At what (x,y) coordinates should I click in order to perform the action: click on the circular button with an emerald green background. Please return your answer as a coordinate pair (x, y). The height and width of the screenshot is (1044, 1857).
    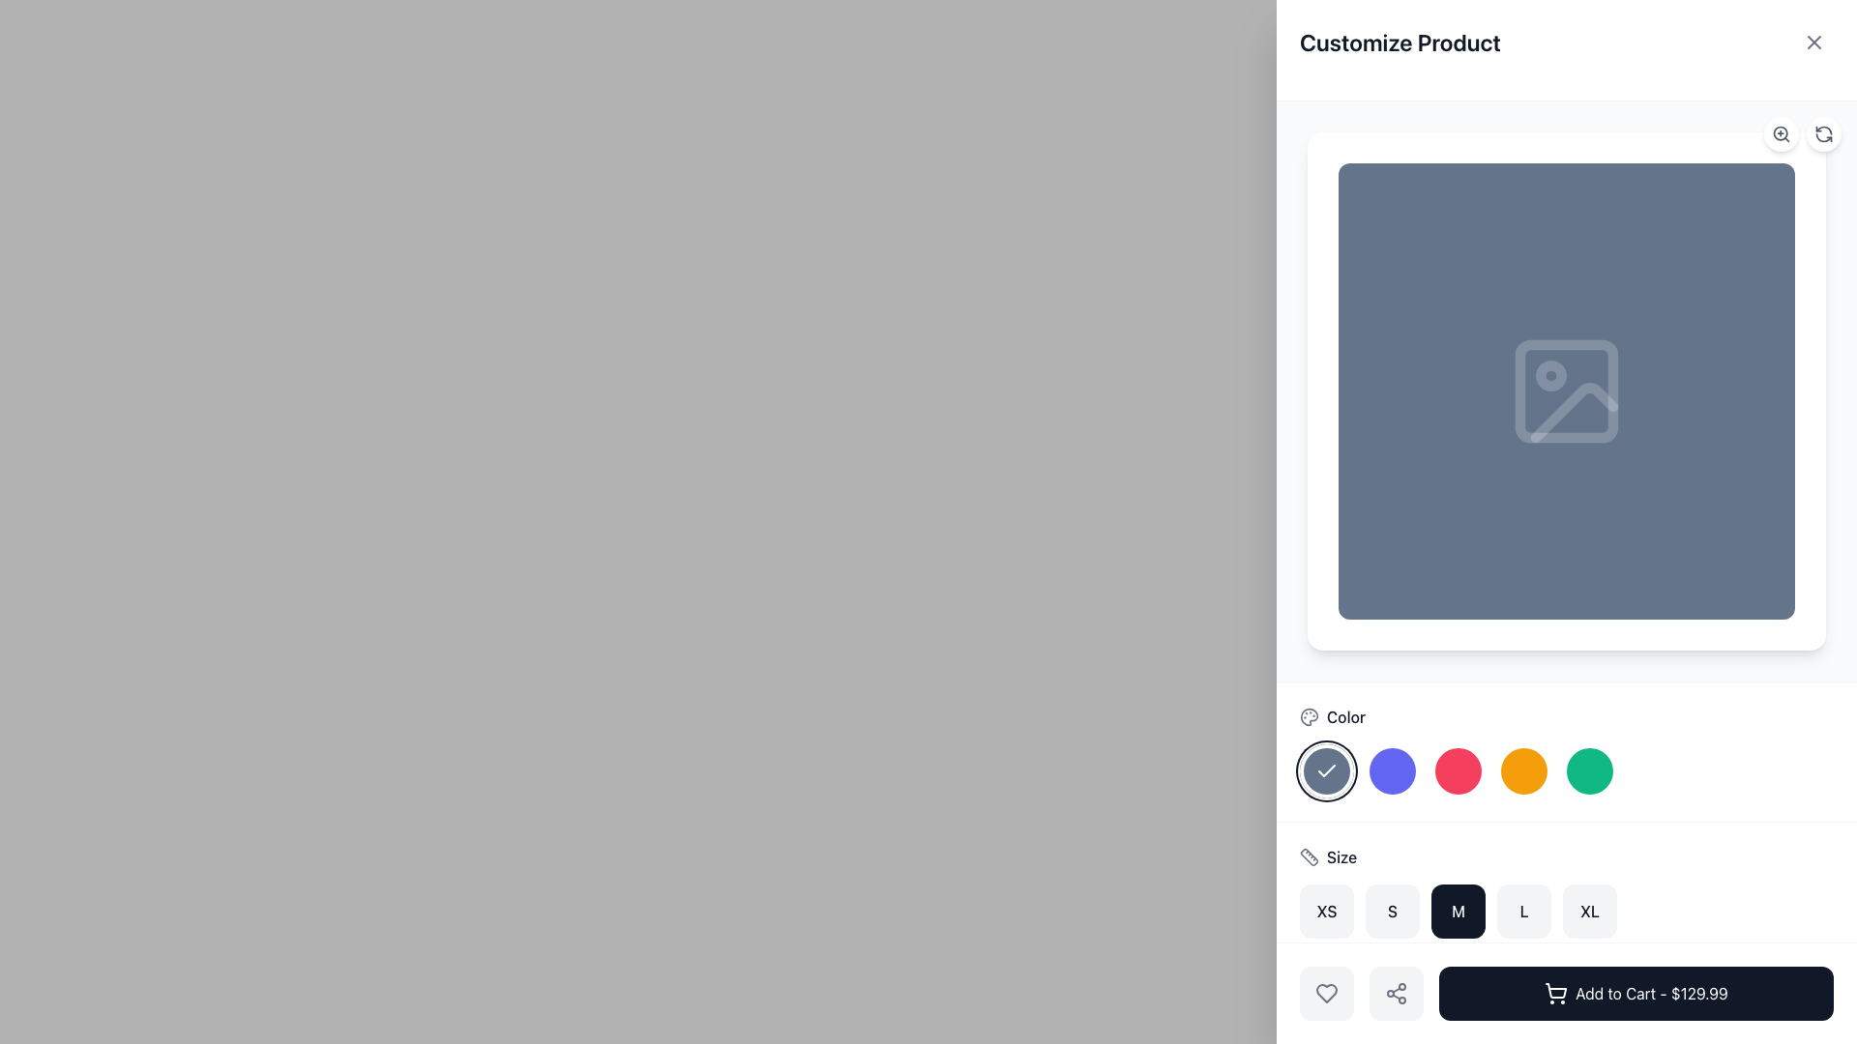
    Looking at the image, I should click on (1589, 770).